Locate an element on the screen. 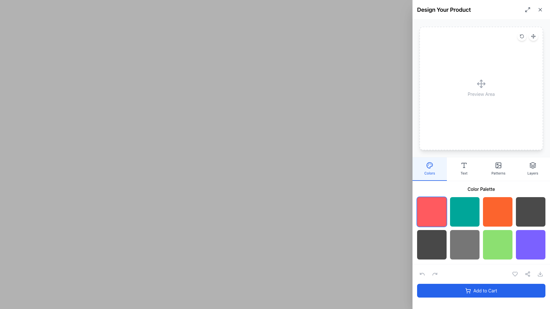 The width and height of the screenshot is (550, 309). the circular arrow icon button with a gray outline located in the top-right corner of the interface to redo the last action is located at coordinates (435, 274).